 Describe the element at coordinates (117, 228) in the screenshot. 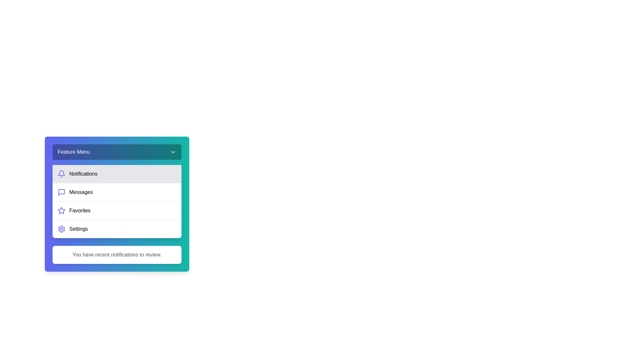

I see `the last Button-like menu item in the vertical list of options` at that location.